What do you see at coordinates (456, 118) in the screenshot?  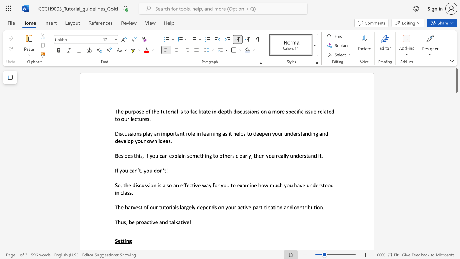 I see `the scrollbar to move the page downward` at bounding box center [456, 118].